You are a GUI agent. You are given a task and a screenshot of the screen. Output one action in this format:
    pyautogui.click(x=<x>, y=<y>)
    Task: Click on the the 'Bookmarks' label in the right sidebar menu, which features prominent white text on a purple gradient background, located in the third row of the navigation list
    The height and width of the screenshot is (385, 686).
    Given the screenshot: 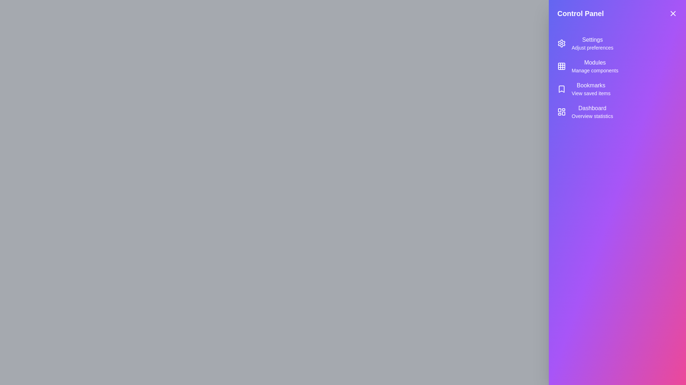 What is the action you would take?
    pyautogui.click(x=591, y=89)
    